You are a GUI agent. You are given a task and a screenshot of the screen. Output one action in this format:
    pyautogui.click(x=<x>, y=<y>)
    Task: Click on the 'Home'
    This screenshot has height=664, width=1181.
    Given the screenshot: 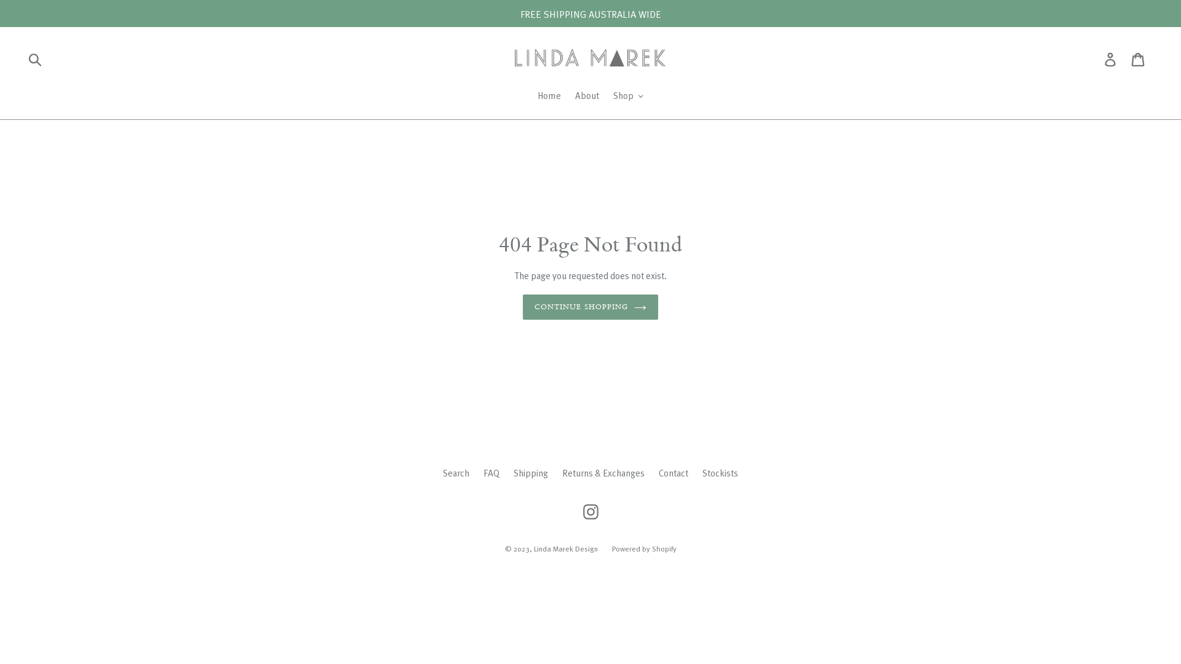 What is the action you would take?
    pyautogui.click(x=548, y=96)
    